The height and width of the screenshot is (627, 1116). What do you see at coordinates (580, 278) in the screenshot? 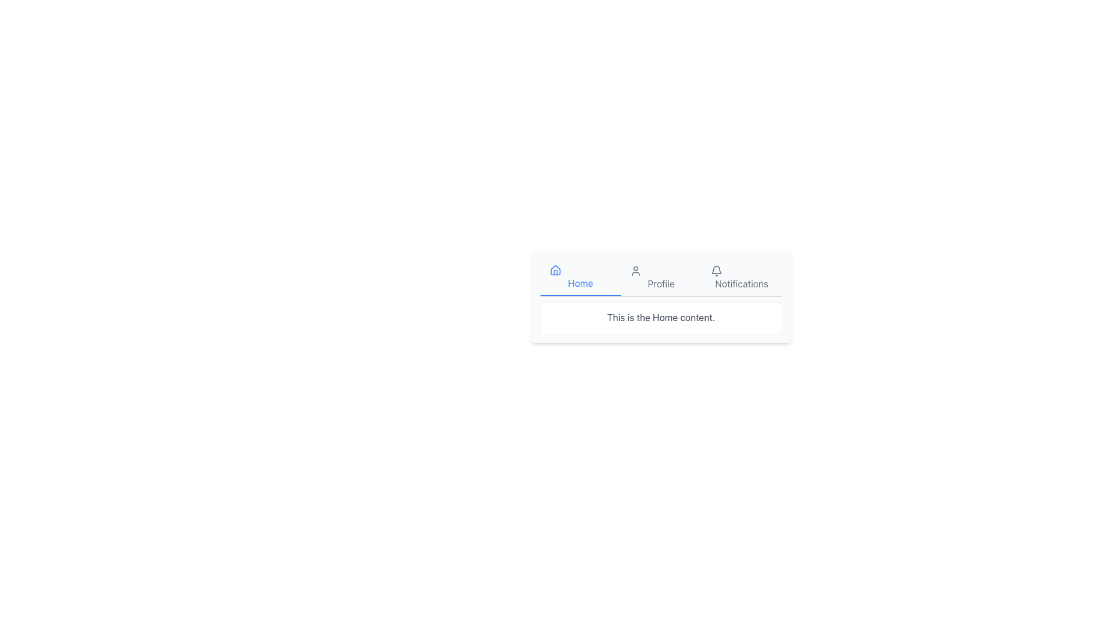
I see `the first navigation button on the left in the navigation bar` at bounding box center [580, 278].